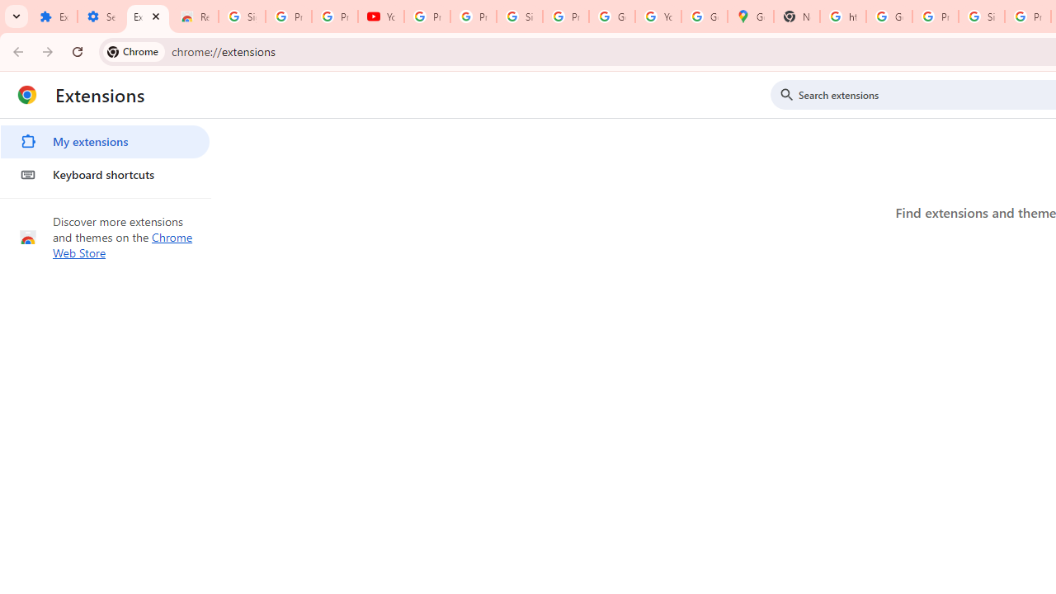 The width and height of the screenshot is (1056, 594). What do you see at coordinates (104, 141) in the screenshot?
I see `'My extensions'` at bounding box center [104, 141].